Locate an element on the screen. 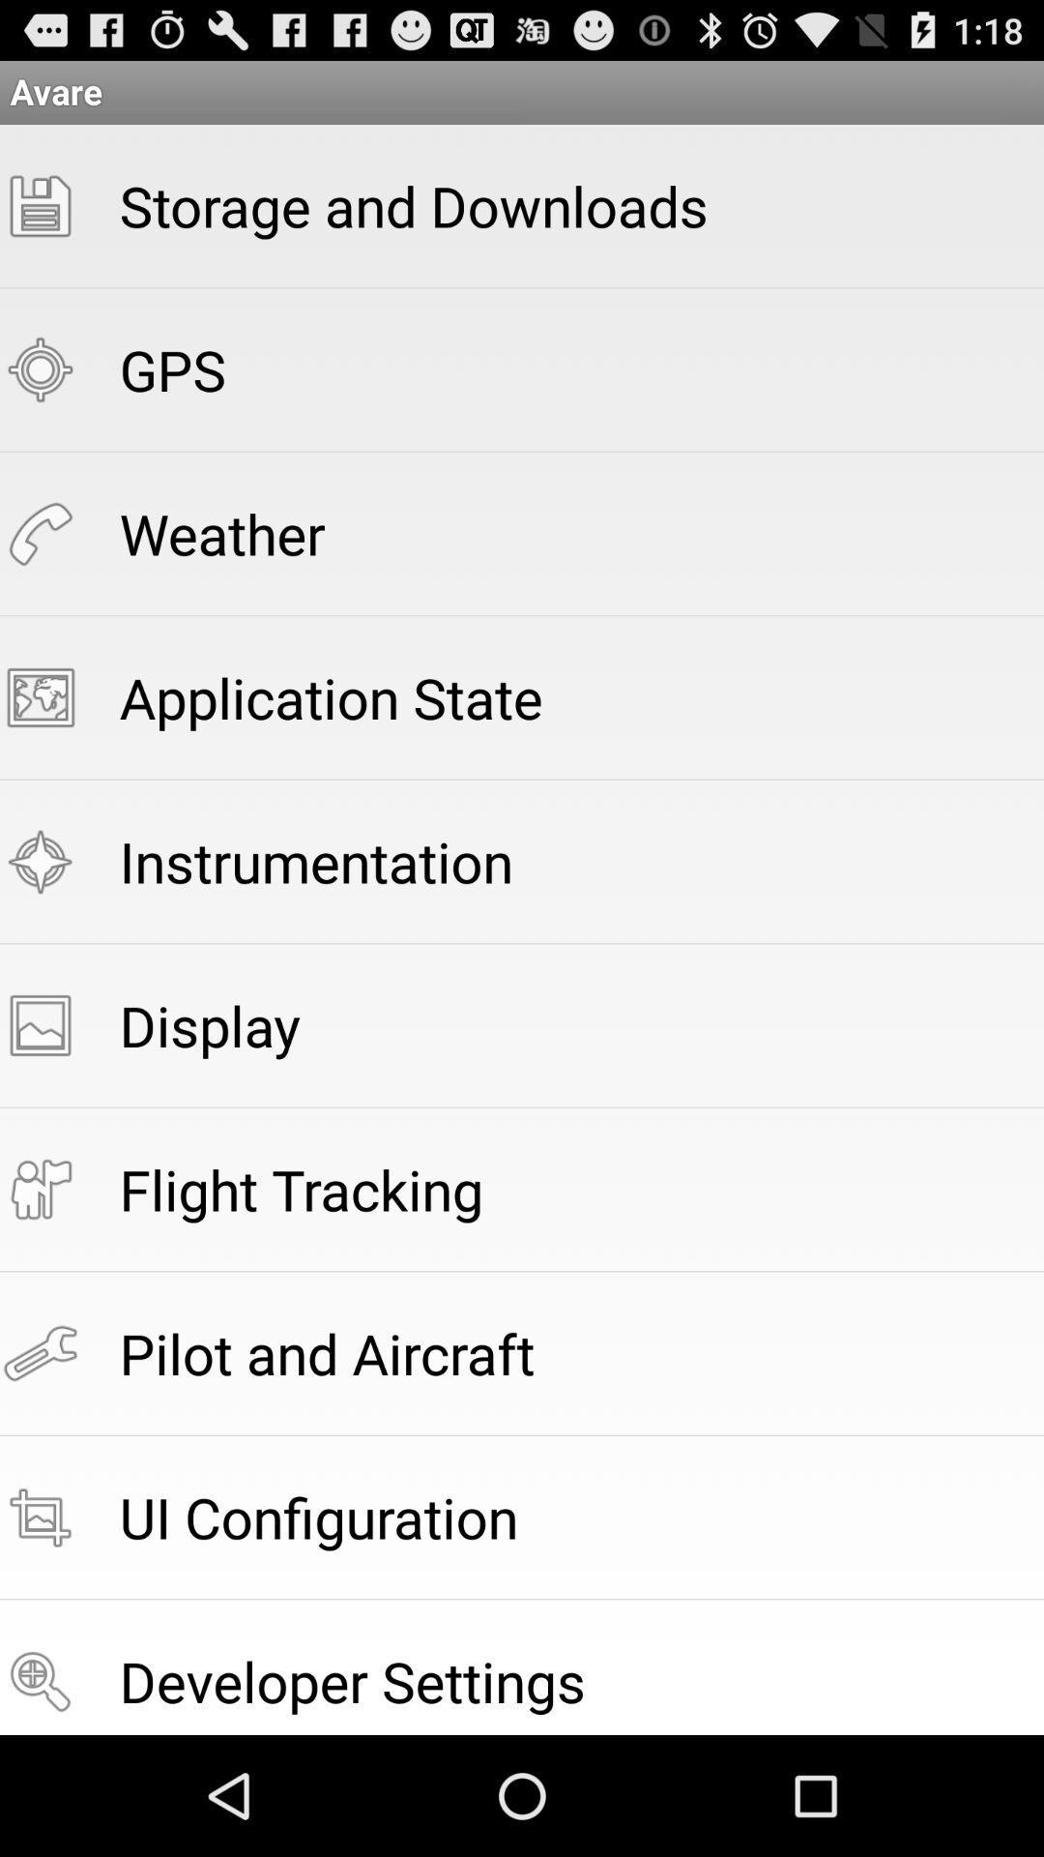 This screenshot has height=1857, width=1044. the app above instrumentation icon is located at coordinates (330, 696).